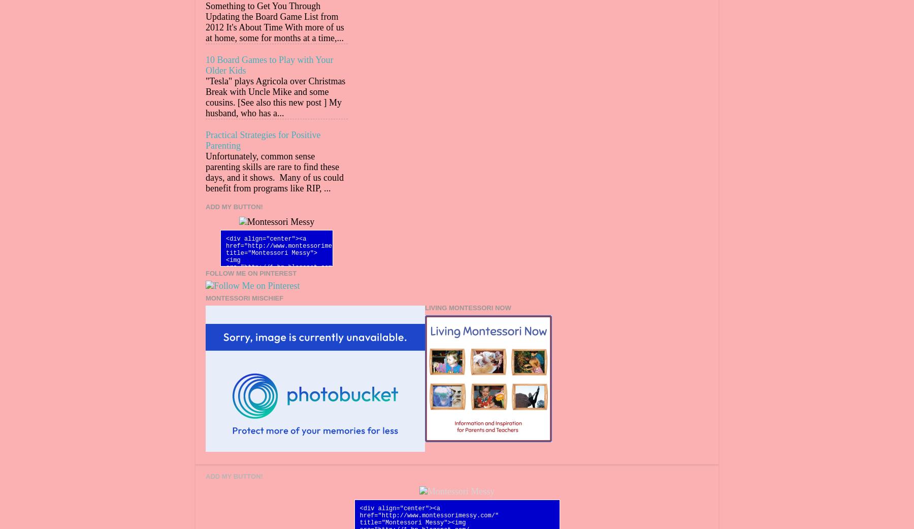 The height and width of the screenshot is (529, 914). Describe the element at coordinates (467, 307) in the screenshot. I see `'Living Montessori Now'` at that location.